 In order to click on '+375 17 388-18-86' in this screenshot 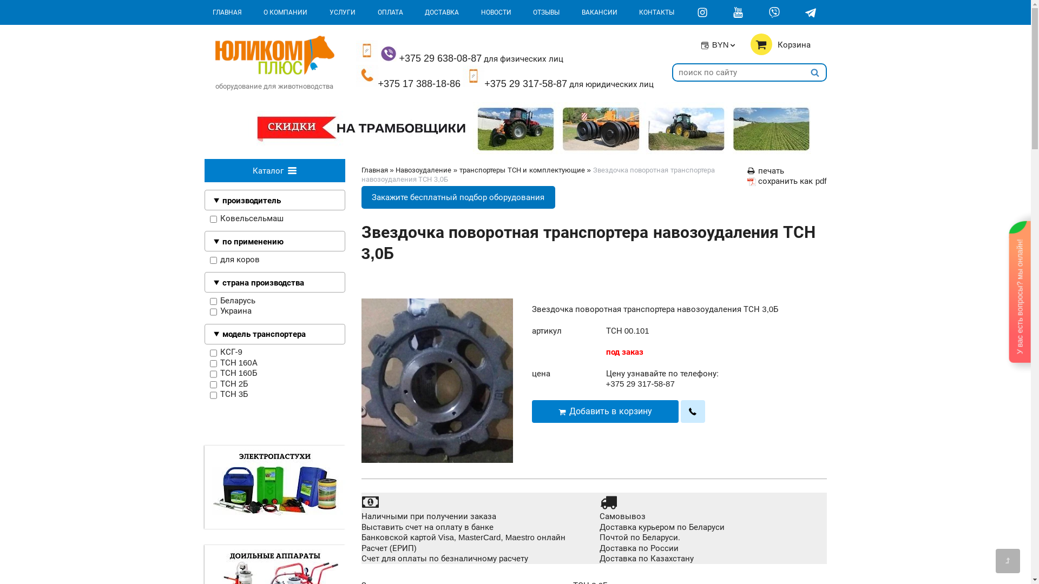, I will do `click(407, 77)`.